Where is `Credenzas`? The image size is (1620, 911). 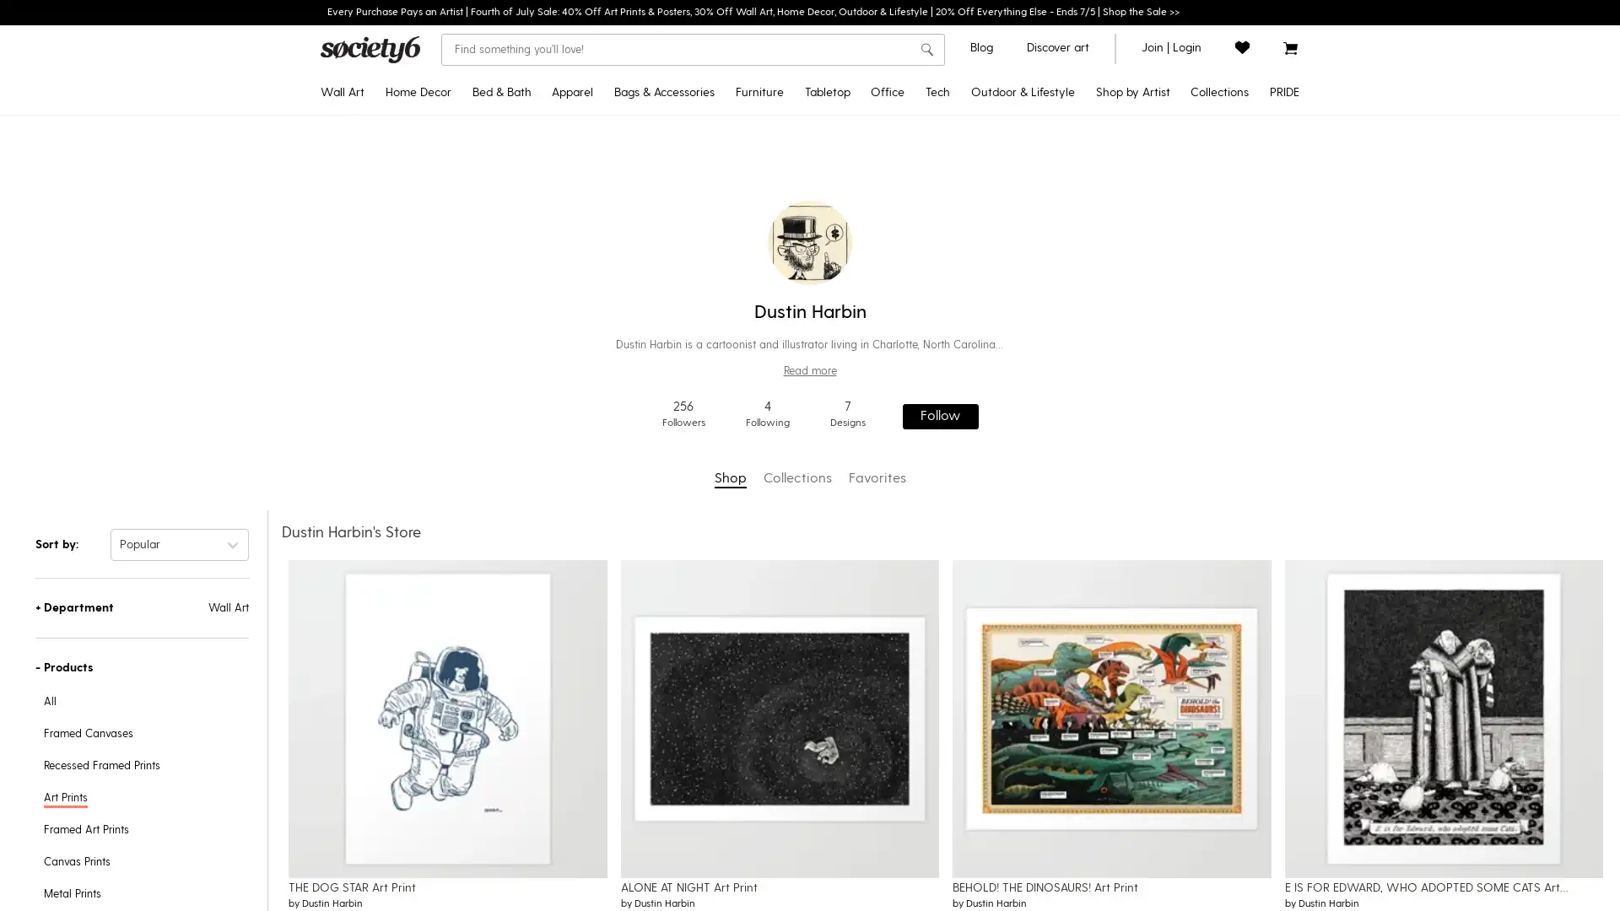
Credenzas is located at coordinates (788, 135).